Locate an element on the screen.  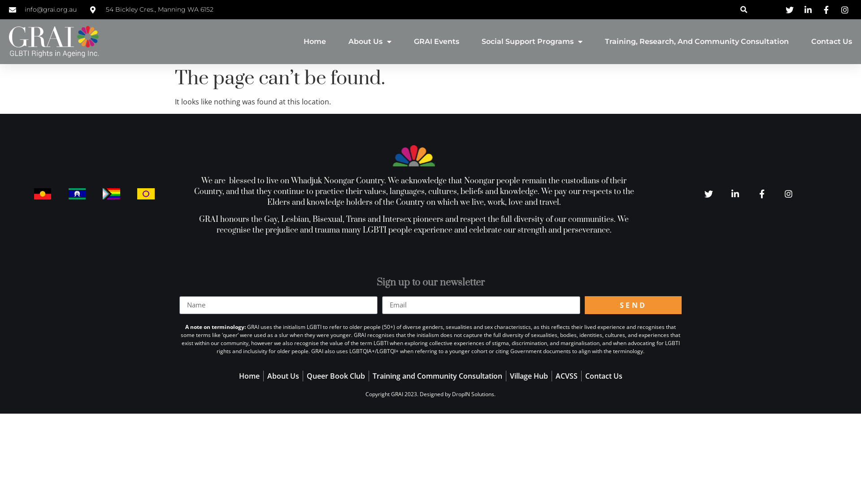
'Queer Book Club' is located at coordinates (307, 376).